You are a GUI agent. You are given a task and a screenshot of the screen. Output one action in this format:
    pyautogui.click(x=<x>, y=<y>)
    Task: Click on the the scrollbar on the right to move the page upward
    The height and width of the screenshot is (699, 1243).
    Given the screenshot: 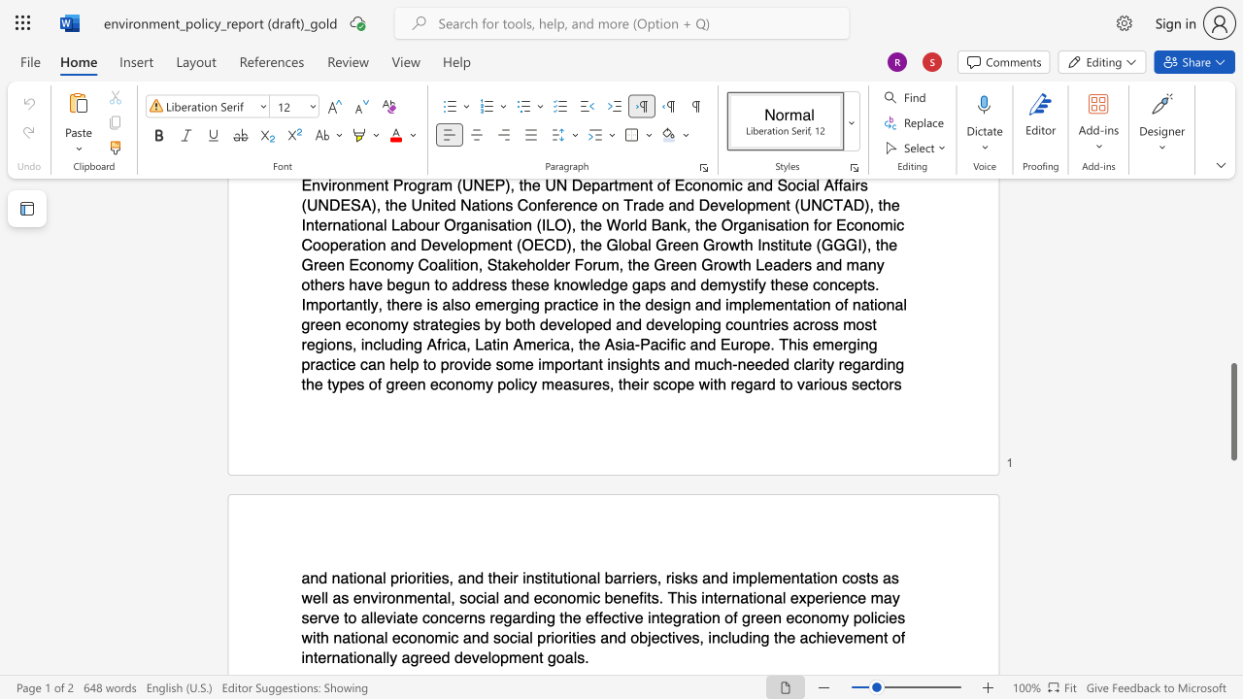 What is the action you would take?
    pyautogui.click(x=1232, y=359)
    